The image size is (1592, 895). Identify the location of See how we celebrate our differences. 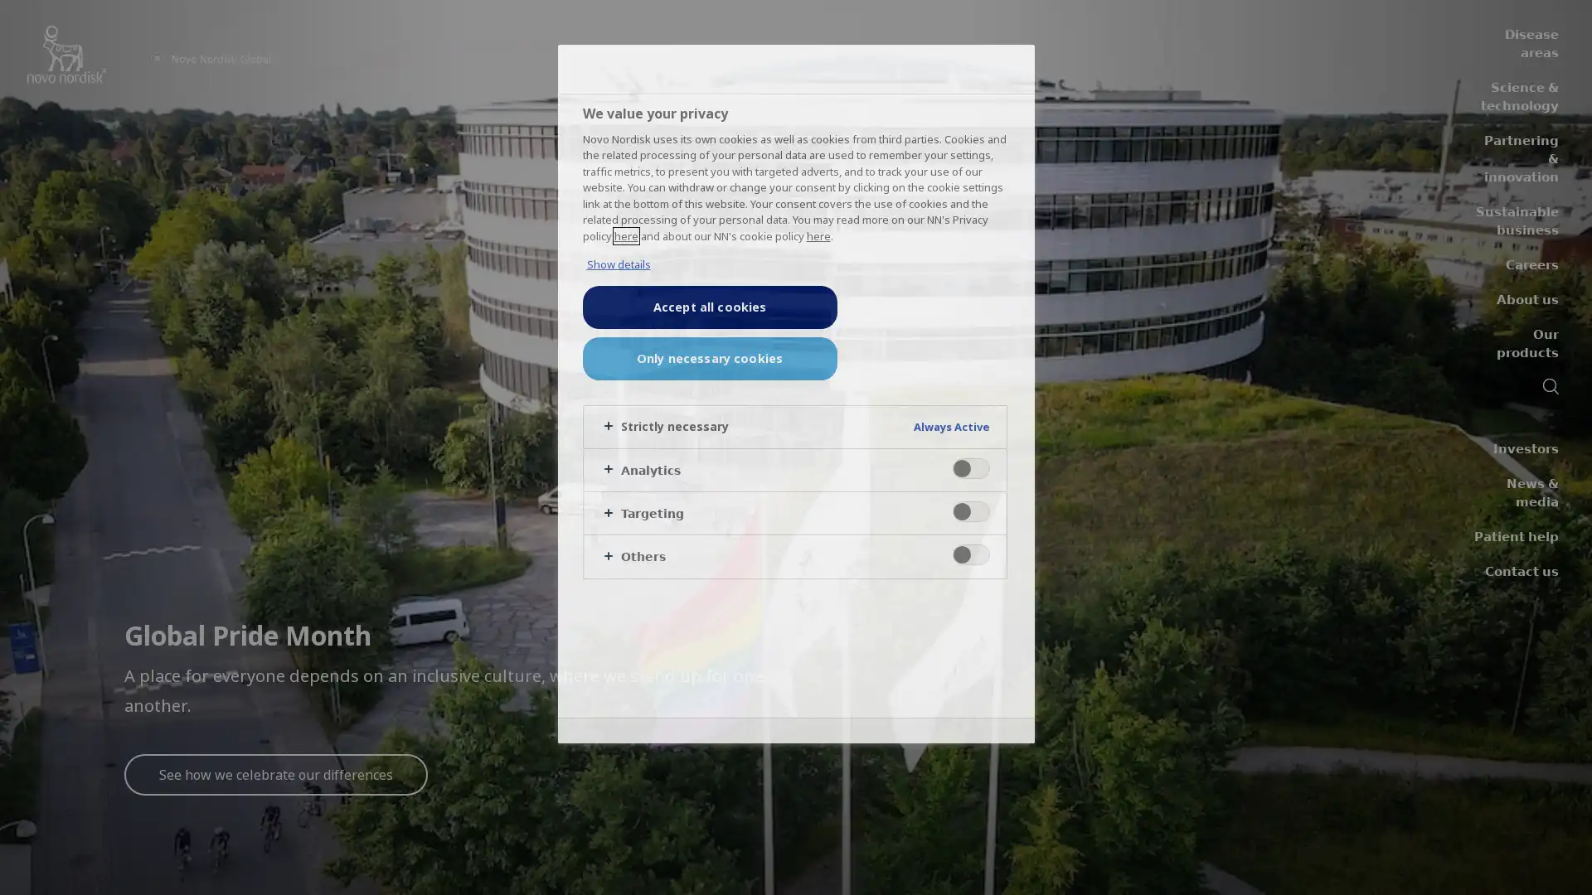
(275, 774).